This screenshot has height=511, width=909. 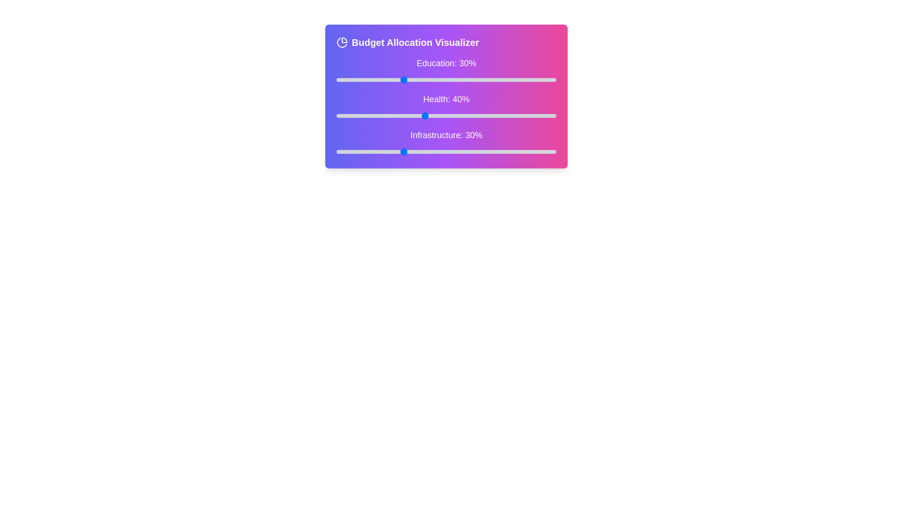 What do you see at coordinates (415, 42) in the screenshot?
I see `the bold text label reading 'Budget Allocation Visualizer', which is styled with a large font size and bold weight, located in a horizontally aligned section with an icon to its left` at bounding box center [415, 42].